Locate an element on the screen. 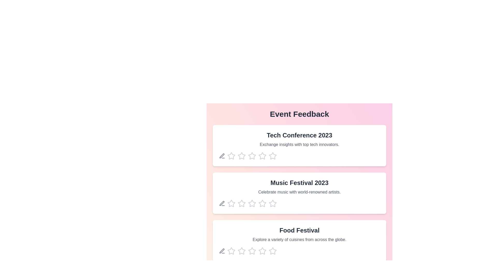  the star corresponding to the rating 5 is located at coordinates (273, 156).